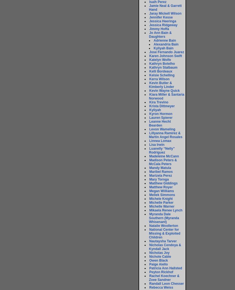 The height and width of the screenshot is (290, 235). Describe the element at coordinates (164, 156) in the screenshot. I see `'Madeleine McCann'` at that location.